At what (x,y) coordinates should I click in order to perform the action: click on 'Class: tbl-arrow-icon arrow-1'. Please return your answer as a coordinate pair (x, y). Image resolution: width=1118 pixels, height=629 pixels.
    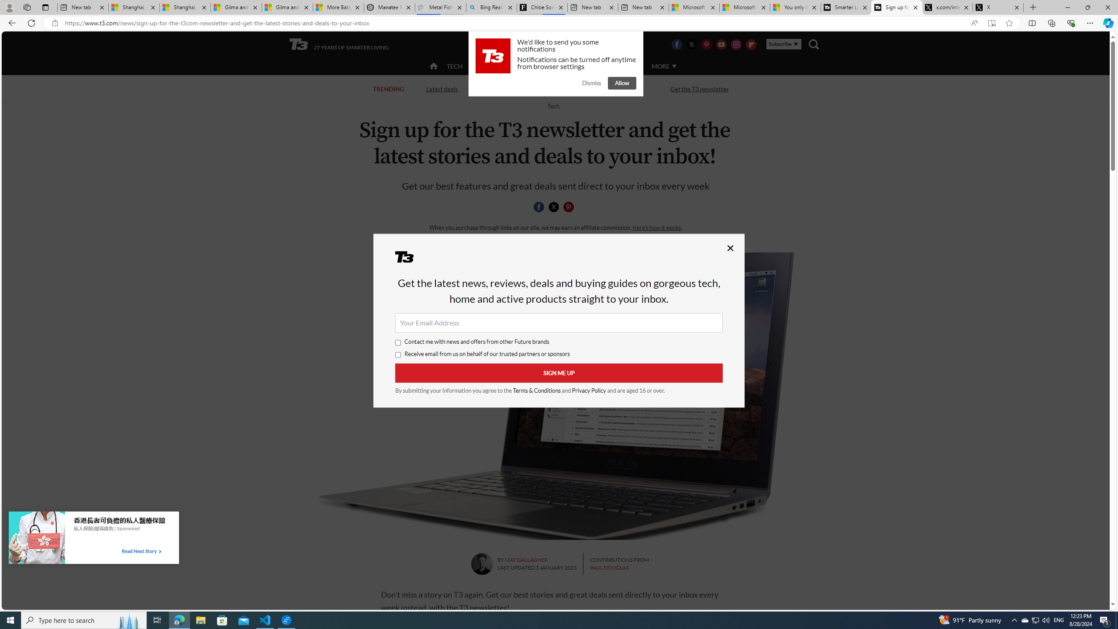
    Looking at the image, I should click on (160, 551).